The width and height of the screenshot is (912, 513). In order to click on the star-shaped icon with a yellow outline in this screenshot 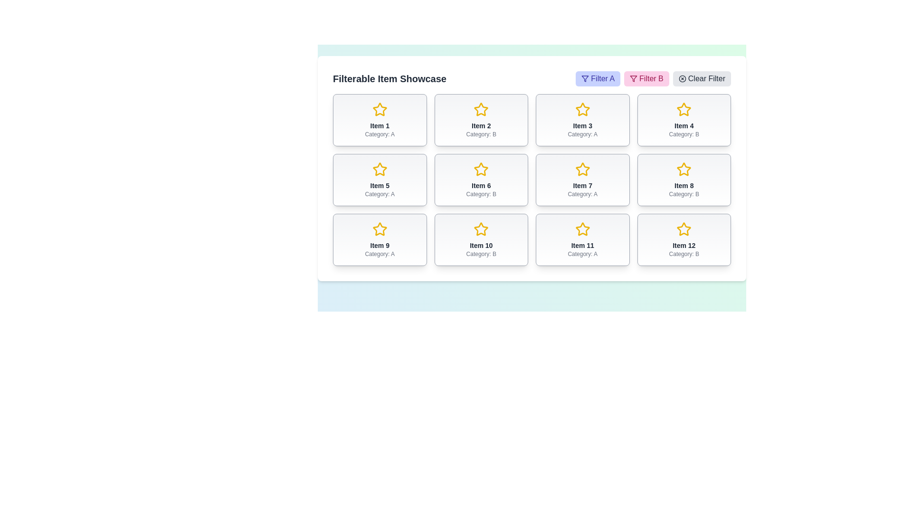, I will do `click(684, 109)`.